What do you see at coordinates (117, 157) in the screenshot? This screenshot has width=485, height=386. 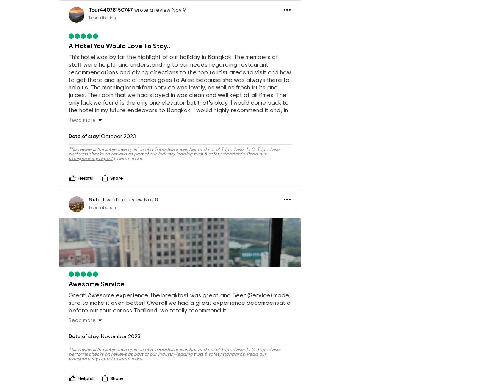 I see `'October 2023'` at bounding box center [117, 157].